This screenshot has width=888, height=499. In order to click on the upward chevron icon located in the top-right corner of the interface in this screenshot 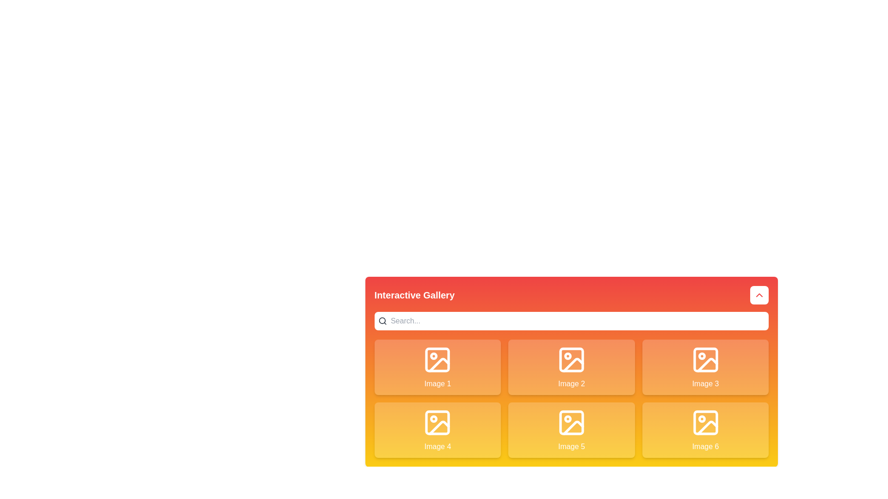, I will do `click(759, 295)`.